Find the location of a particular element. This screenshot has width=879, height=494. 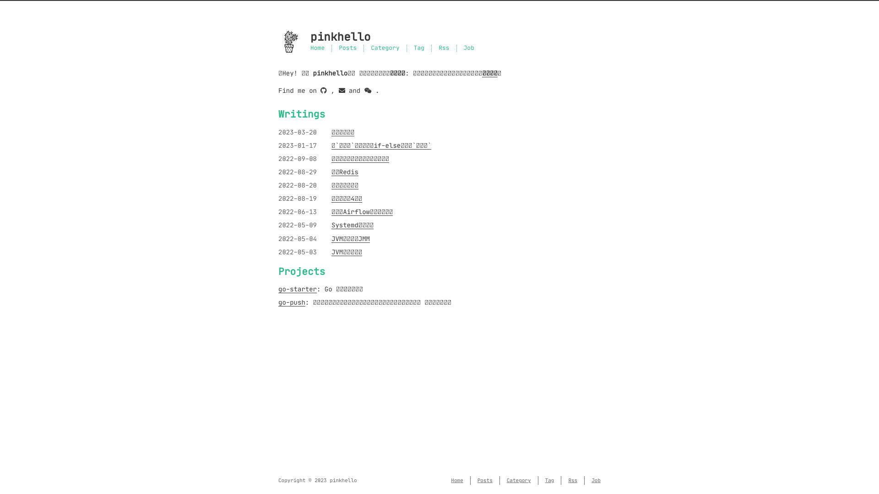

'Category' is located at coordinates (385, 48).